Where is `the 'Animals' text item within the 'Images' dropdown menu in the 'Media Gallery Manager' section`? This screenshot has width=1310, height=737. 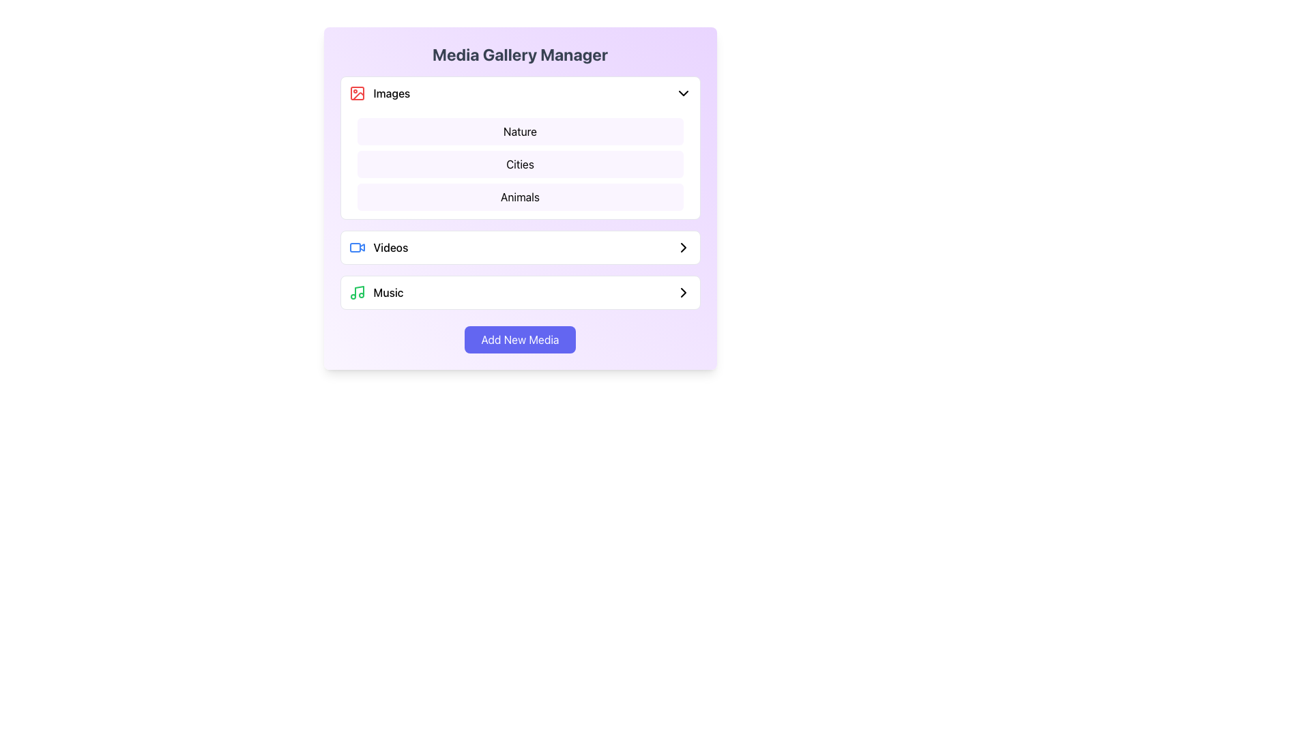
the 'Animals' text item within the 'Images' dropdown menu in the 'Media Gallery Manager' section is located at coordinates (519, 192).